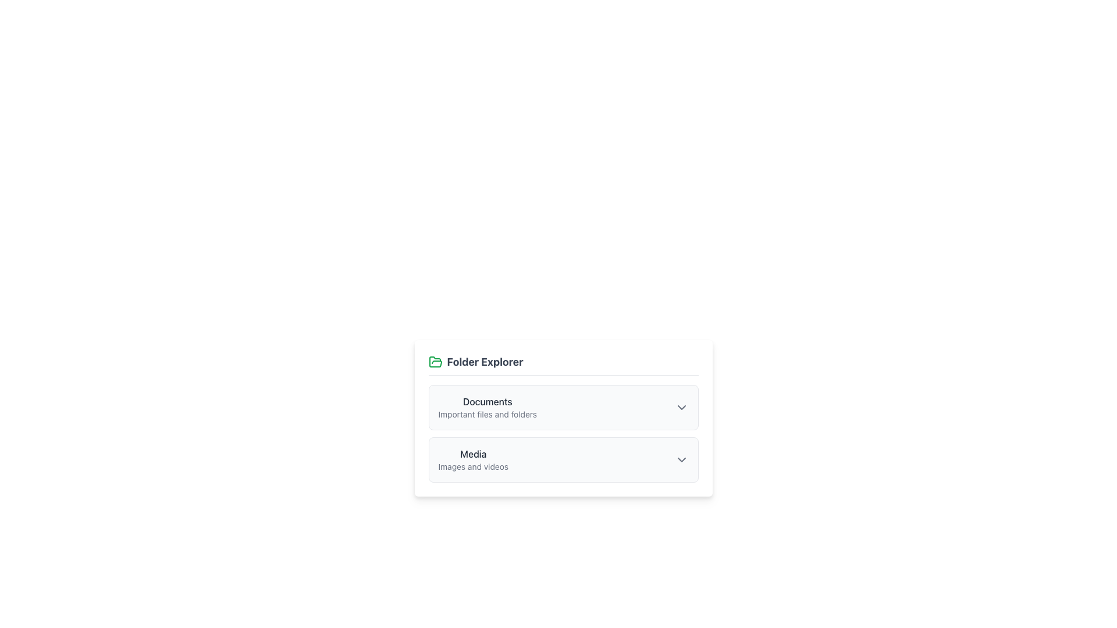  Describe the element at coordinates (473, 453) in the screenshot. I see `text from the bold 'Media' label located in the 'Folder Explorer' section, positioned above the 'Images and videos' label` at that location.